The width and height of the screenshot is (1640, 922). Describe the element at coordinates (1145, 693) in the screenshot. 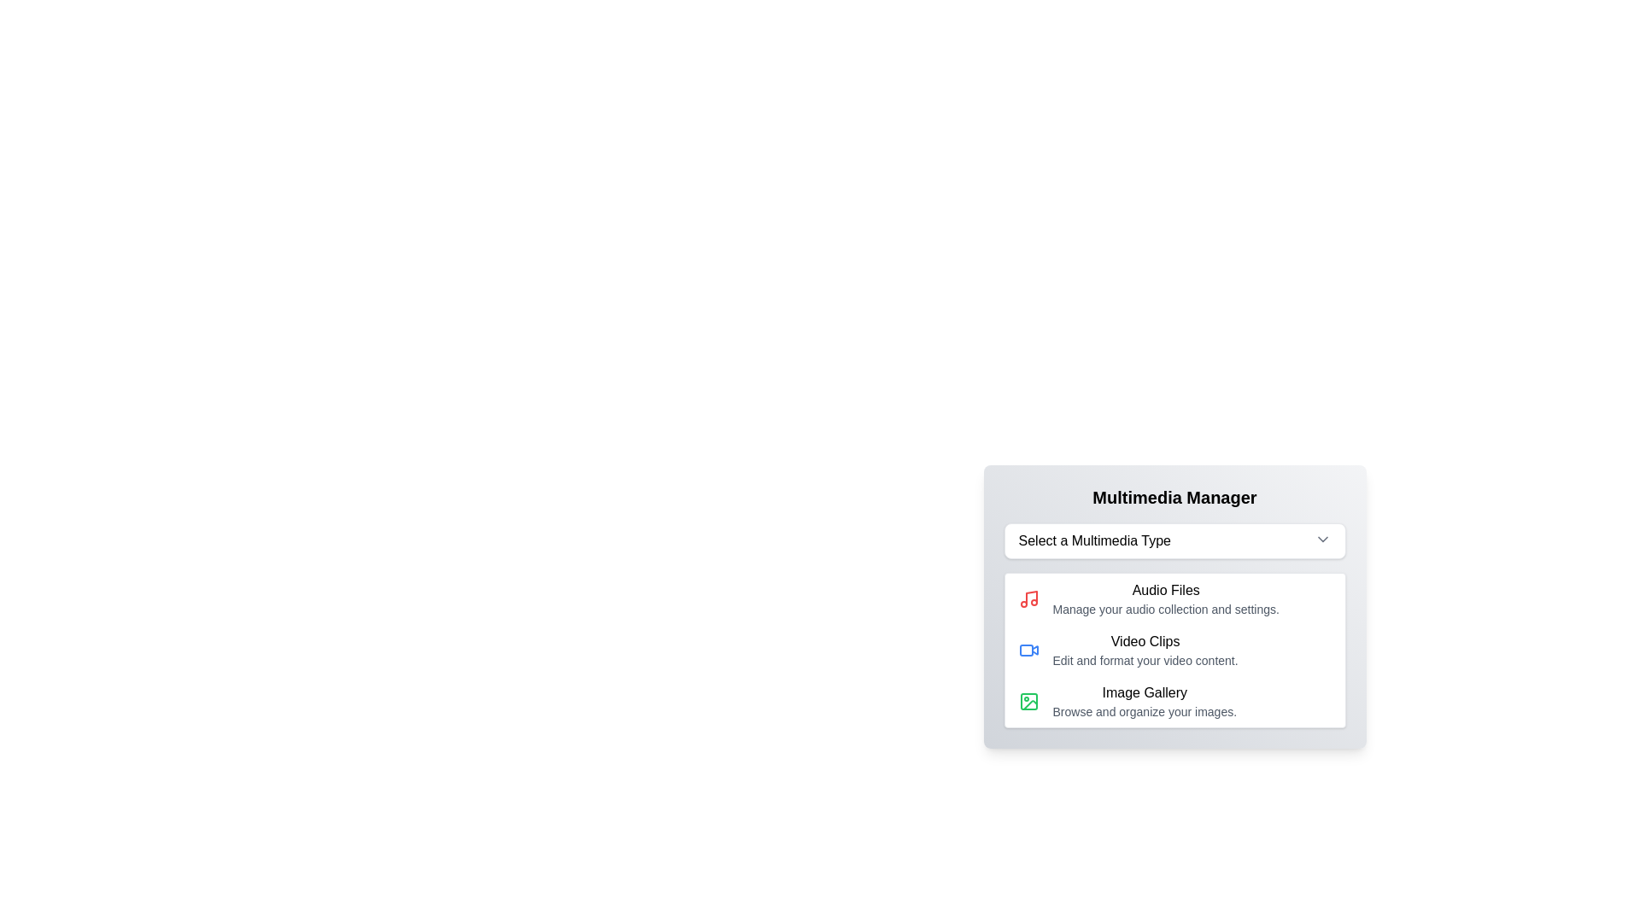

I see `the 'Image Gallery' text label, which is styled in a slightly bold font and positioned at the bottom of a card-like section under the 'Multimedia Manager'` at that location.